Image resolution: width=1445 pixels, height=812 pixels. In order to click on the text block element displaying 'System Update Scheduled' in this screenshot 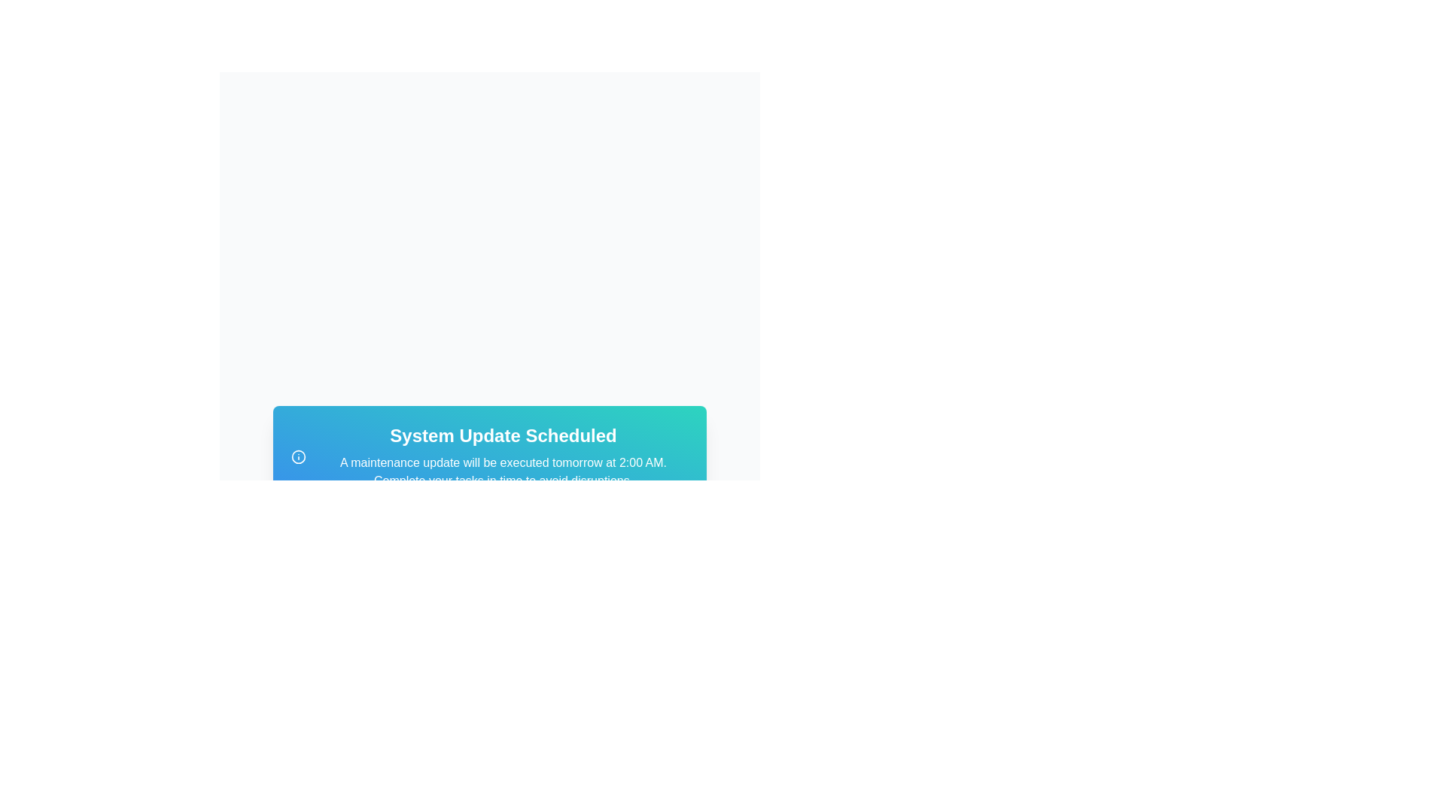, I will do `click(490, 456)`.